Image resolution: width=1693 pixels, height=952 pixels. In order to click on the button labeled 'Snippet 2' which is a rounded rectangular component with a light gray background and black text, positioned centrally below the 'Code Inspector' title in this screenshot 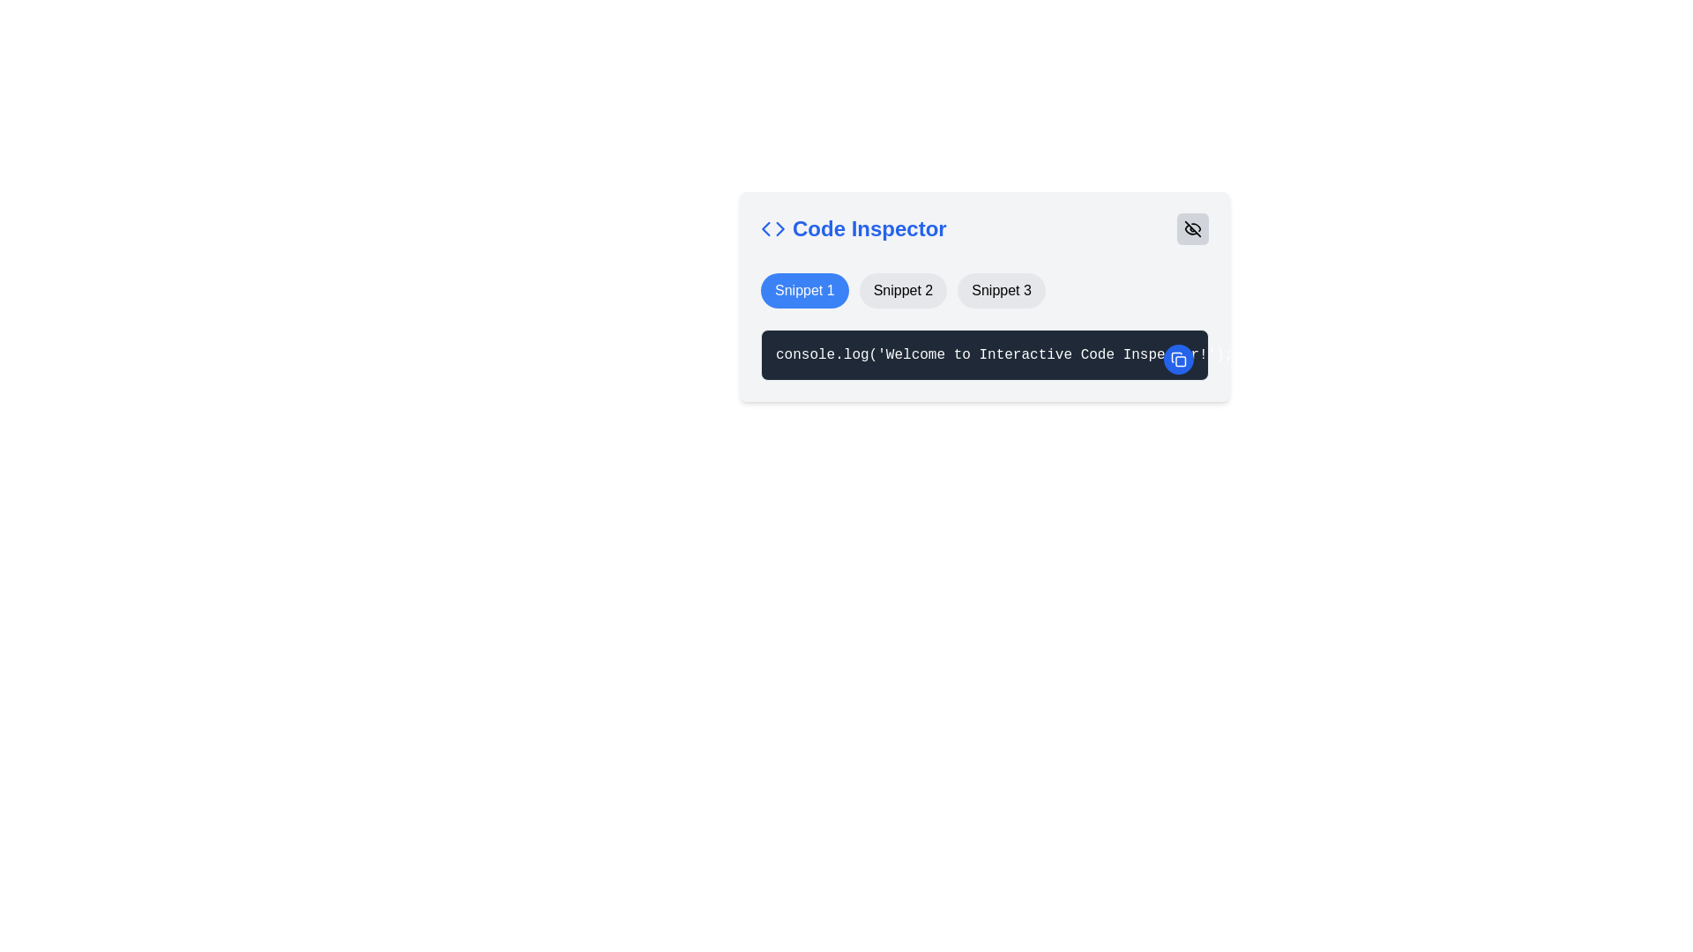, I will do `click(902, 290)`.